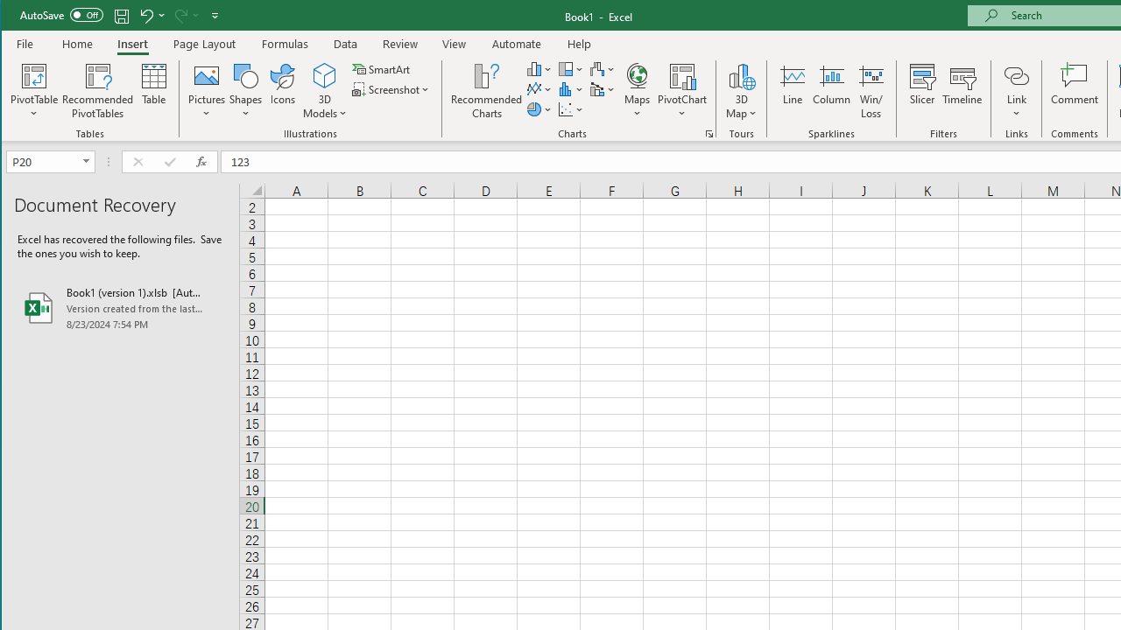 The width and height of the screenshot is (1121, 630). Describe the element at coordinates (741, 74) in the screenshot. I see `'3D Map'` at that location.